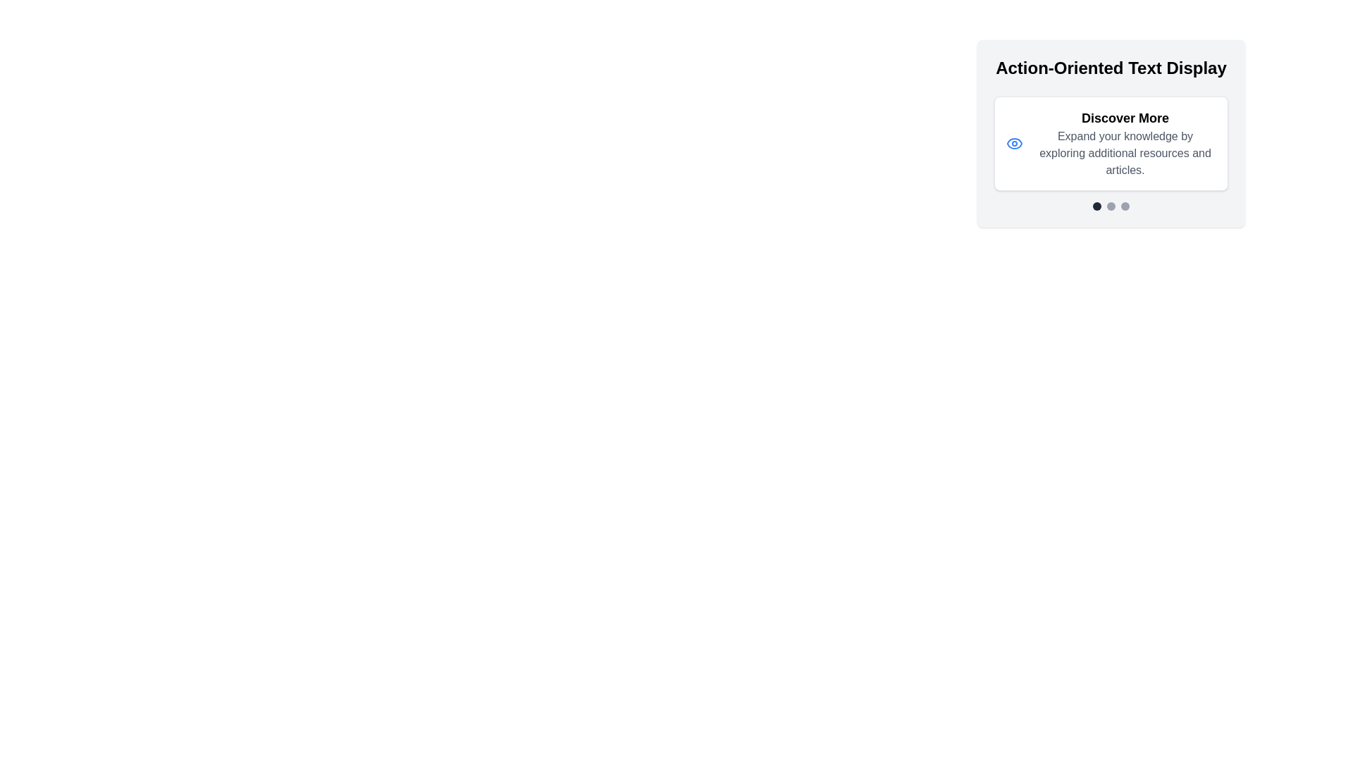  Describe the element at coordinates (1111, 206) in the screenshot. I see `the pagination indicators located at the bottom of the 'Action-Oriented Text Display' card to understand the current state or step` at that location.